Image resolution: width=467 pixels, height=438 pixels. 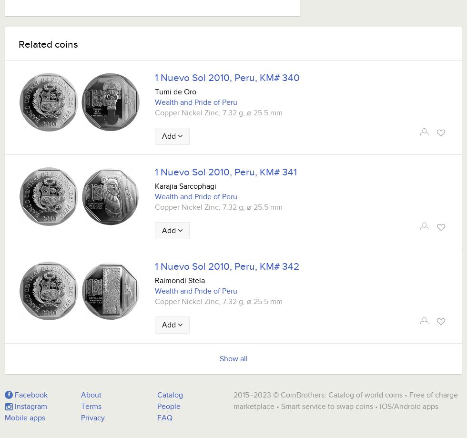 I want to click on 'Karajia Sarcophagi', so click(x=185, y=186).